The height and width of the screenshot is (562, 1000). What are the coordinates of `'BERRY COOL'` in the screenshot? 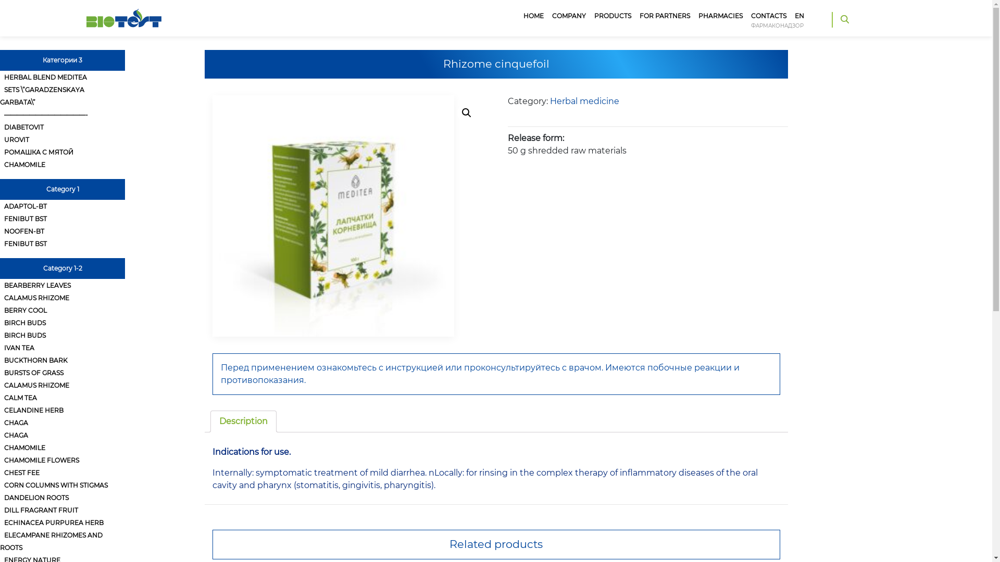 It's located at (25, 310).